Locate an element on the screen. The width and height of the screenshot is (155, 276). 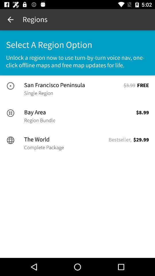
icon above the select a region icon is located at coordinates (10, 20).